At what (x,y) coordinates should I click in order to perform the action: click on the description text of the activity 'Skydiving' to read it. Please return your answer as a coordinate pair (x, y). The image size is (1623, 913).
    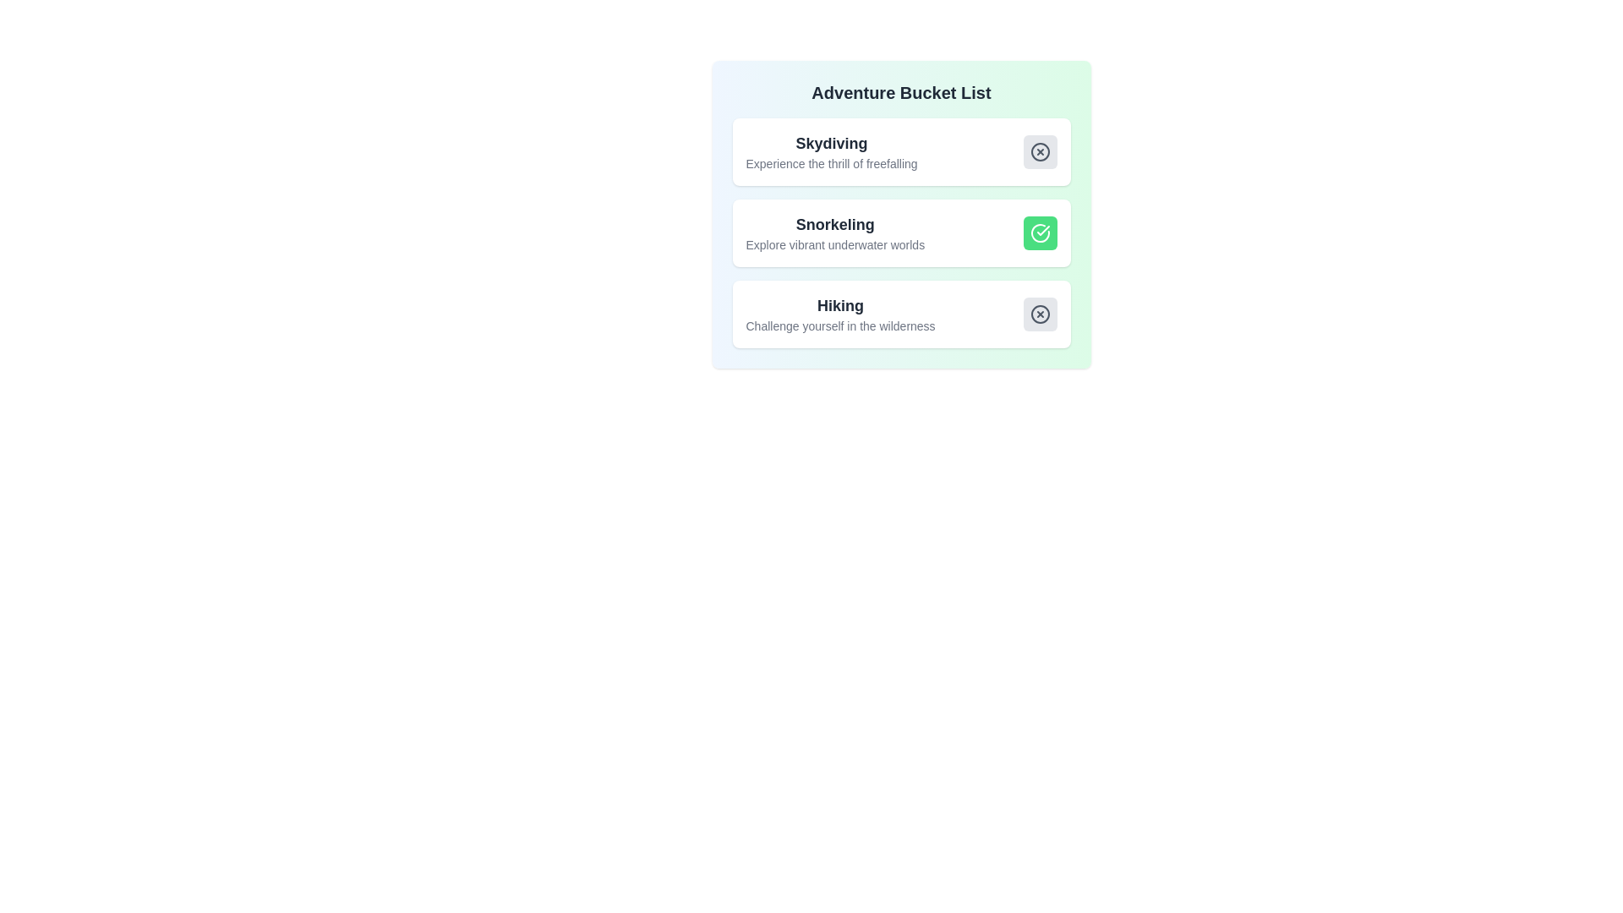
    Looking at the image, I should click on (831, 152).